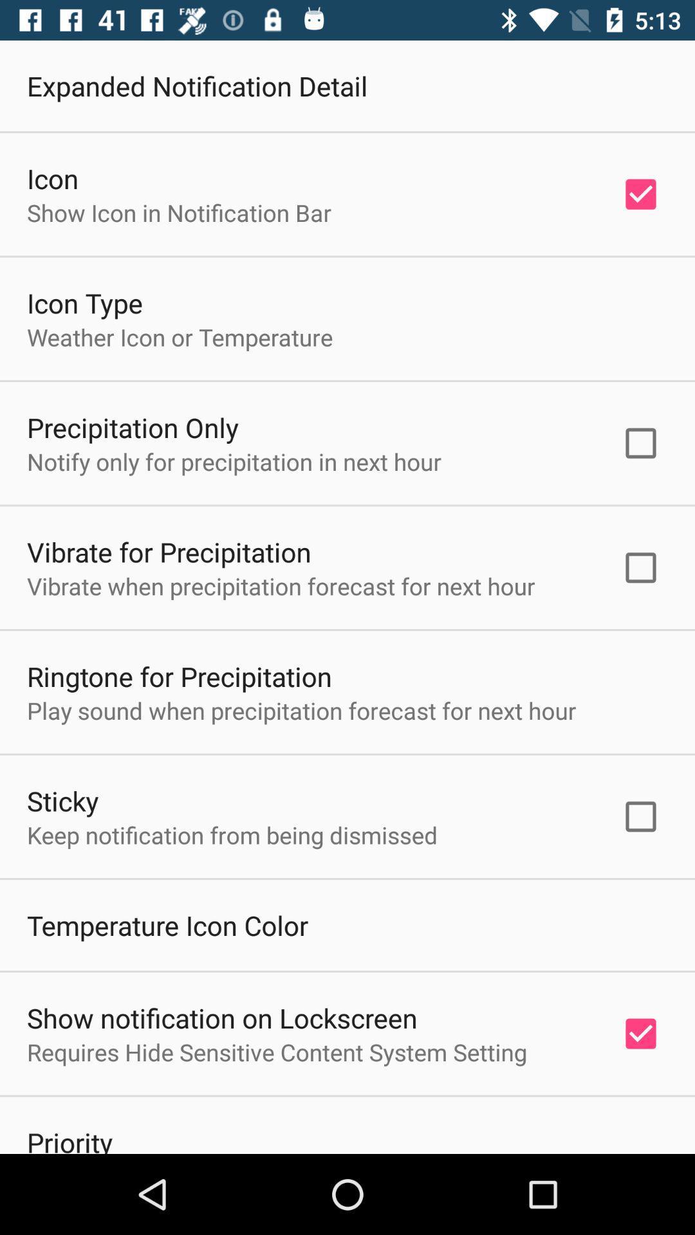 Image resolution: width=695 pixels, height=1235 pixels. I want to click on the item below precipitation only, so click(234, 461).